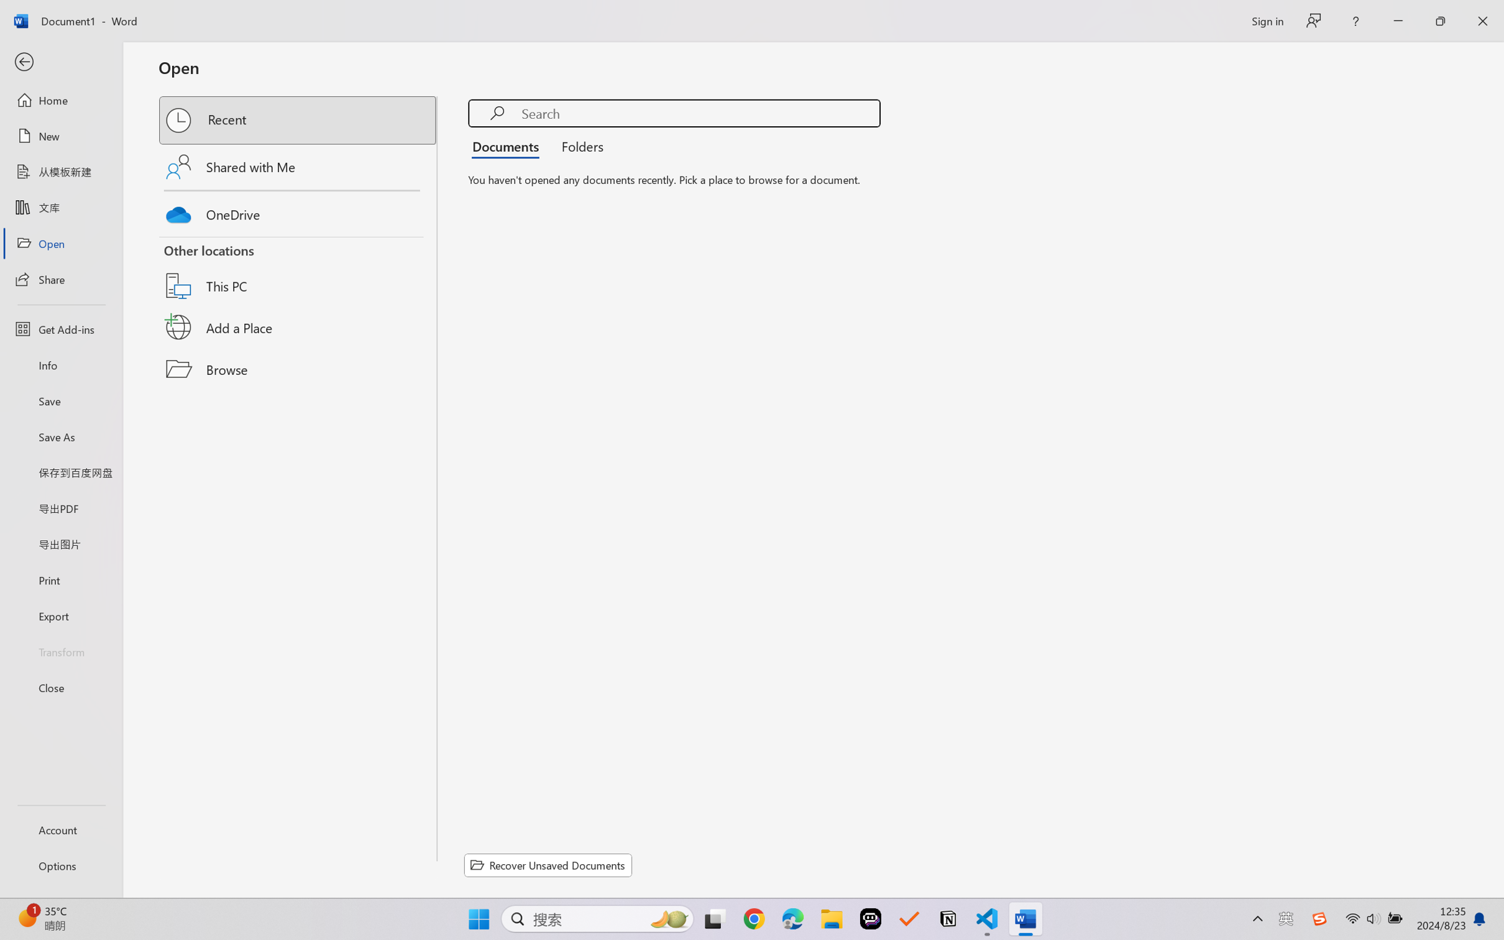 The height and width of the screenshot is (940, 1504). What do you see at coordinates (60, 615) in the screenshot?
I see `'Export'` at bounding box center [60, 615].